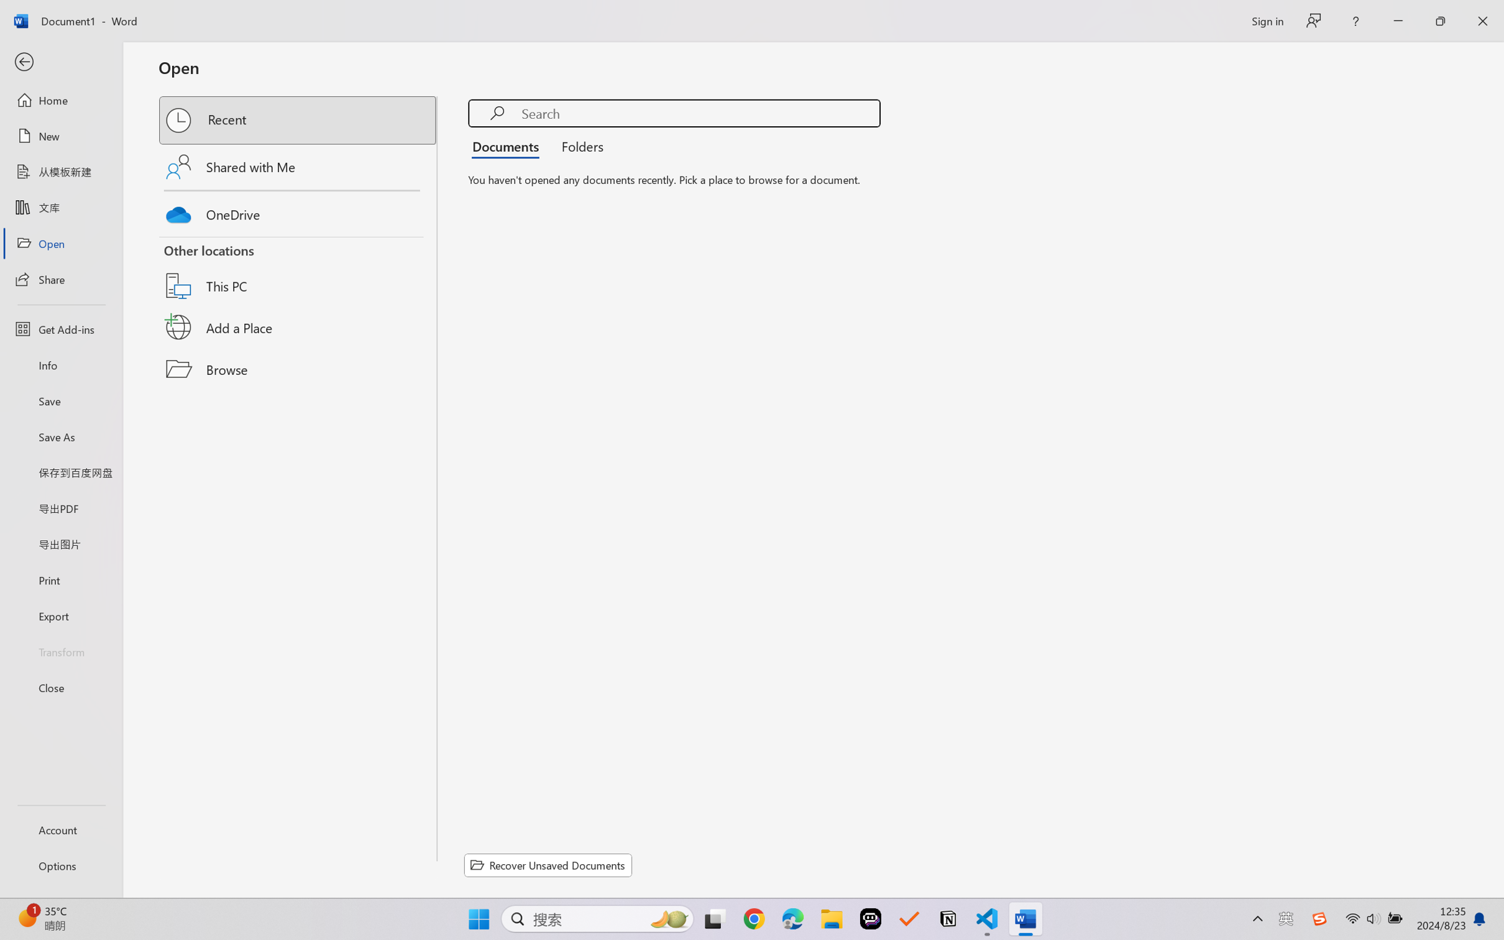 The height and width of the screenshot is (940, 1504). What do you see at coordinates (60, 615) in the screenshot?
I see `'Export'` at bounding box center [60, 615].